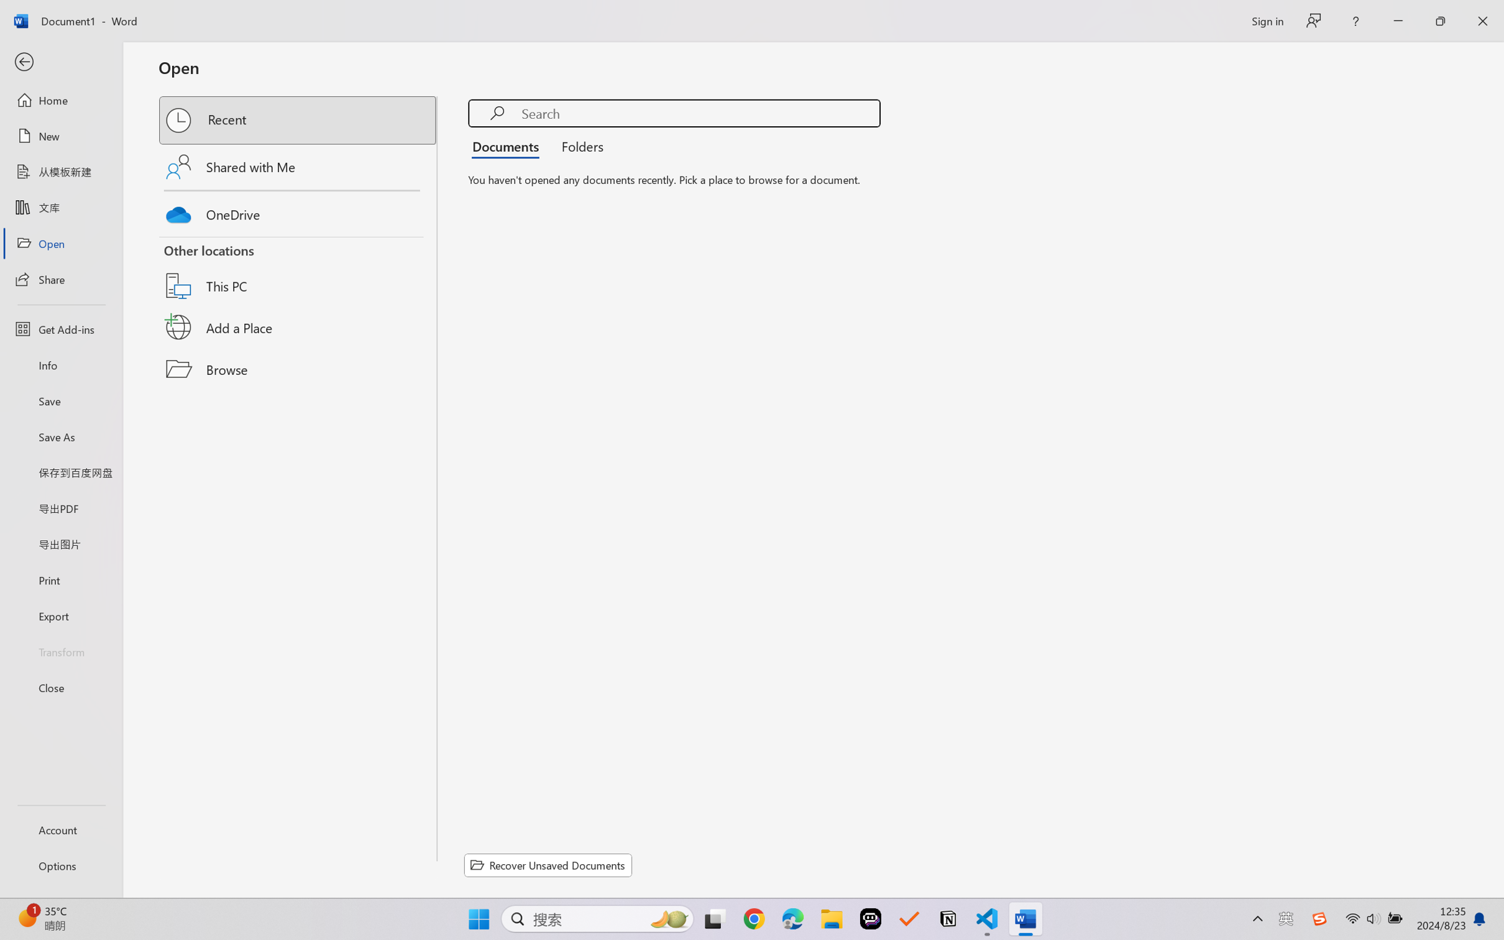 The height and width of the screenshot is (940, 1504). What do you see at coordinates (60, 615) in the screenshot?
I see `'Export'` at bounding box center [60, 615].